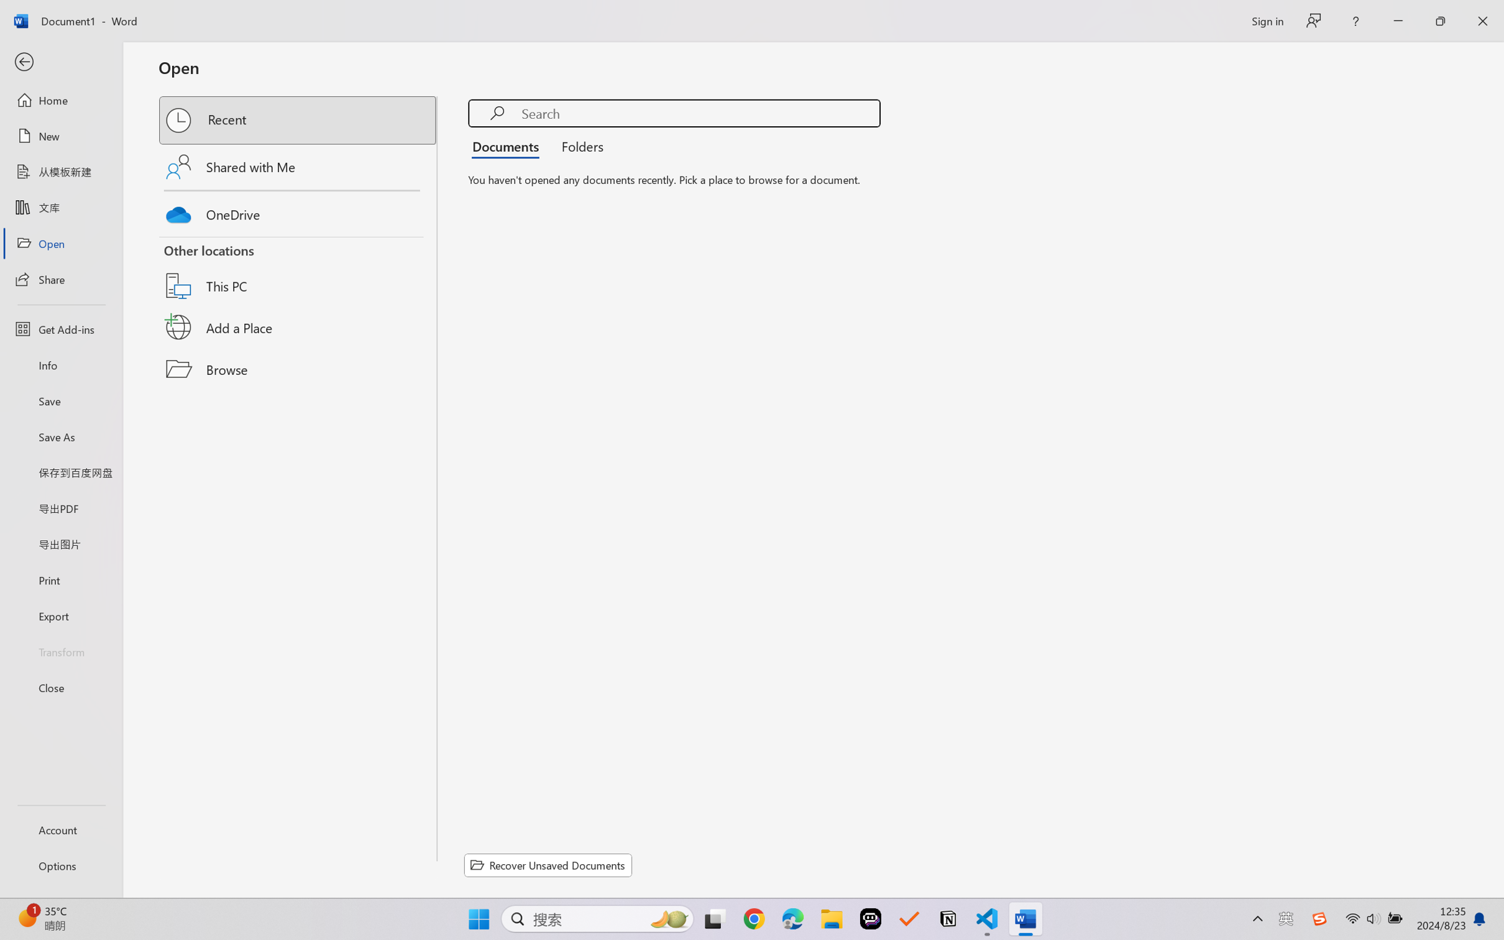 The height and width of the screenshot is (940, 1504). What do you see at coordinates (60, 615) in the screenshot?
I see `'Export'` at bounding box center [60, 615].